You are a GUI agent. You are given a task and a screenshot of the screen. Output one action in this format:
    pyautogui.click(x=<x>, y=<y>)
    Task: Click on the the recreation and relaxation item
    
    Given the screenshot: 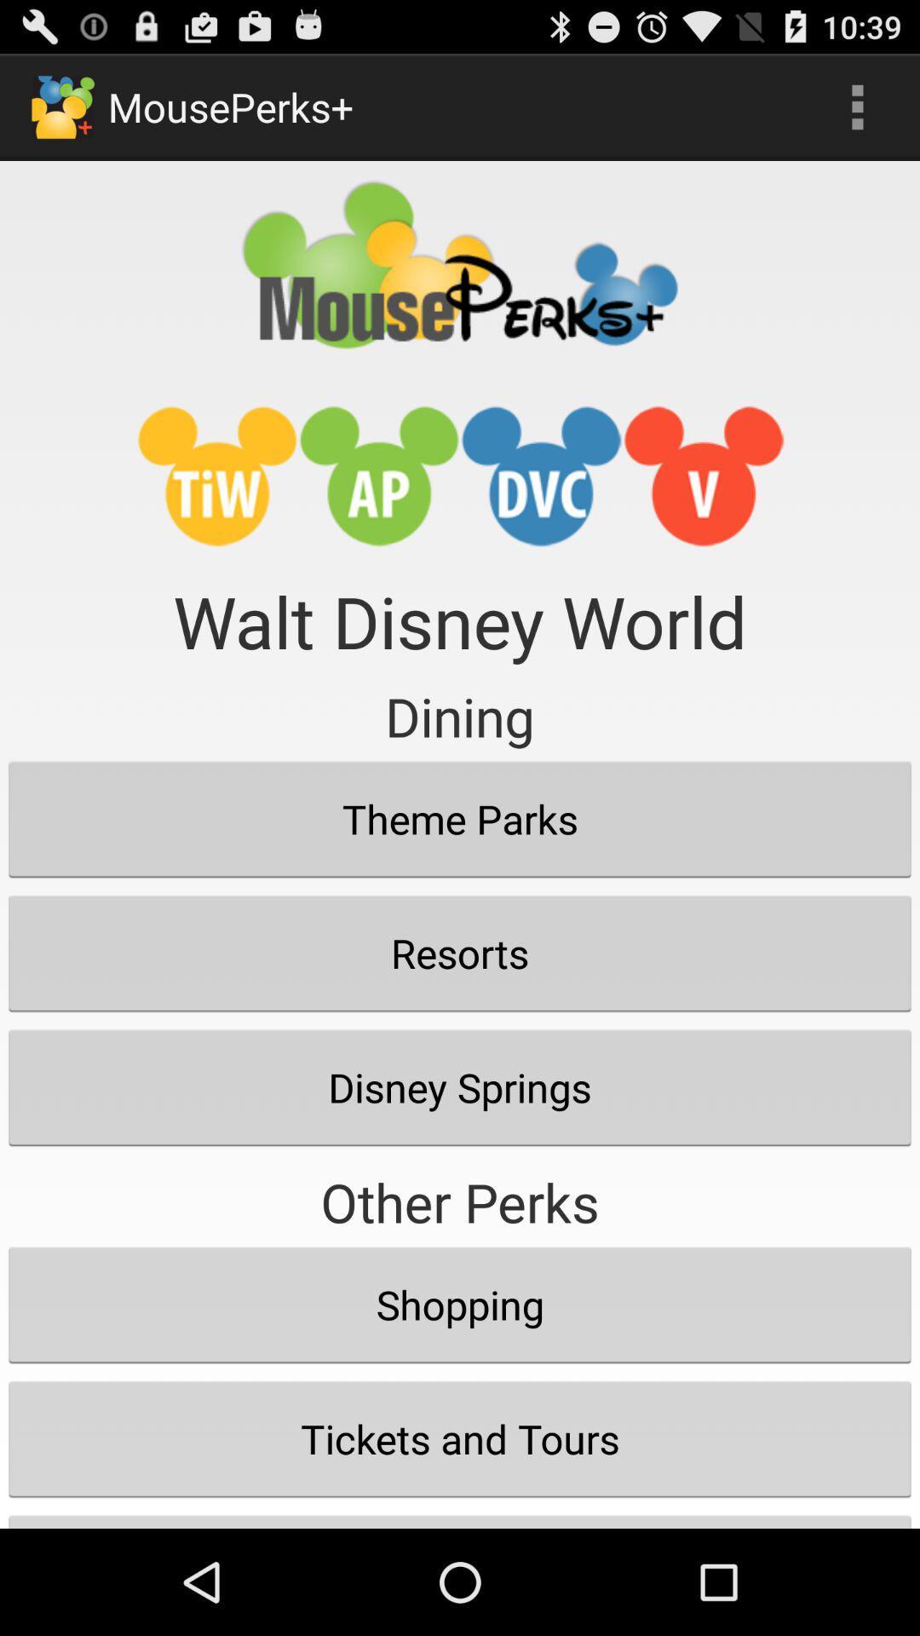 What is the action you would take?
    pyautogui.click(x=460, y=1517)
    